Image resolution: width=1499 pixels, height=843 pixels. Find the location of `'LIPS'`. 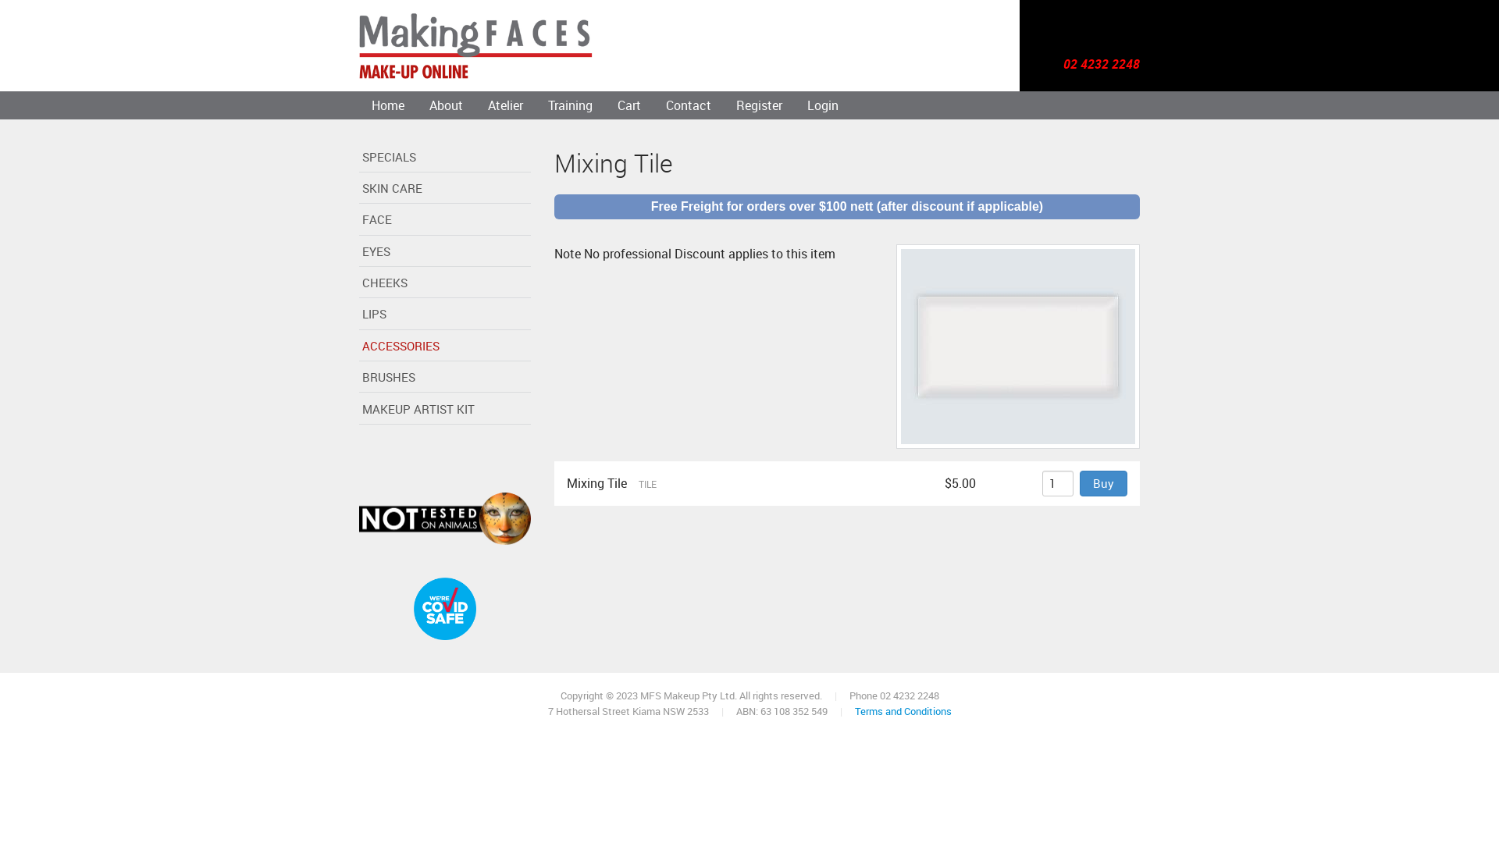

'LIPS' is located at coordinates (444, 316).